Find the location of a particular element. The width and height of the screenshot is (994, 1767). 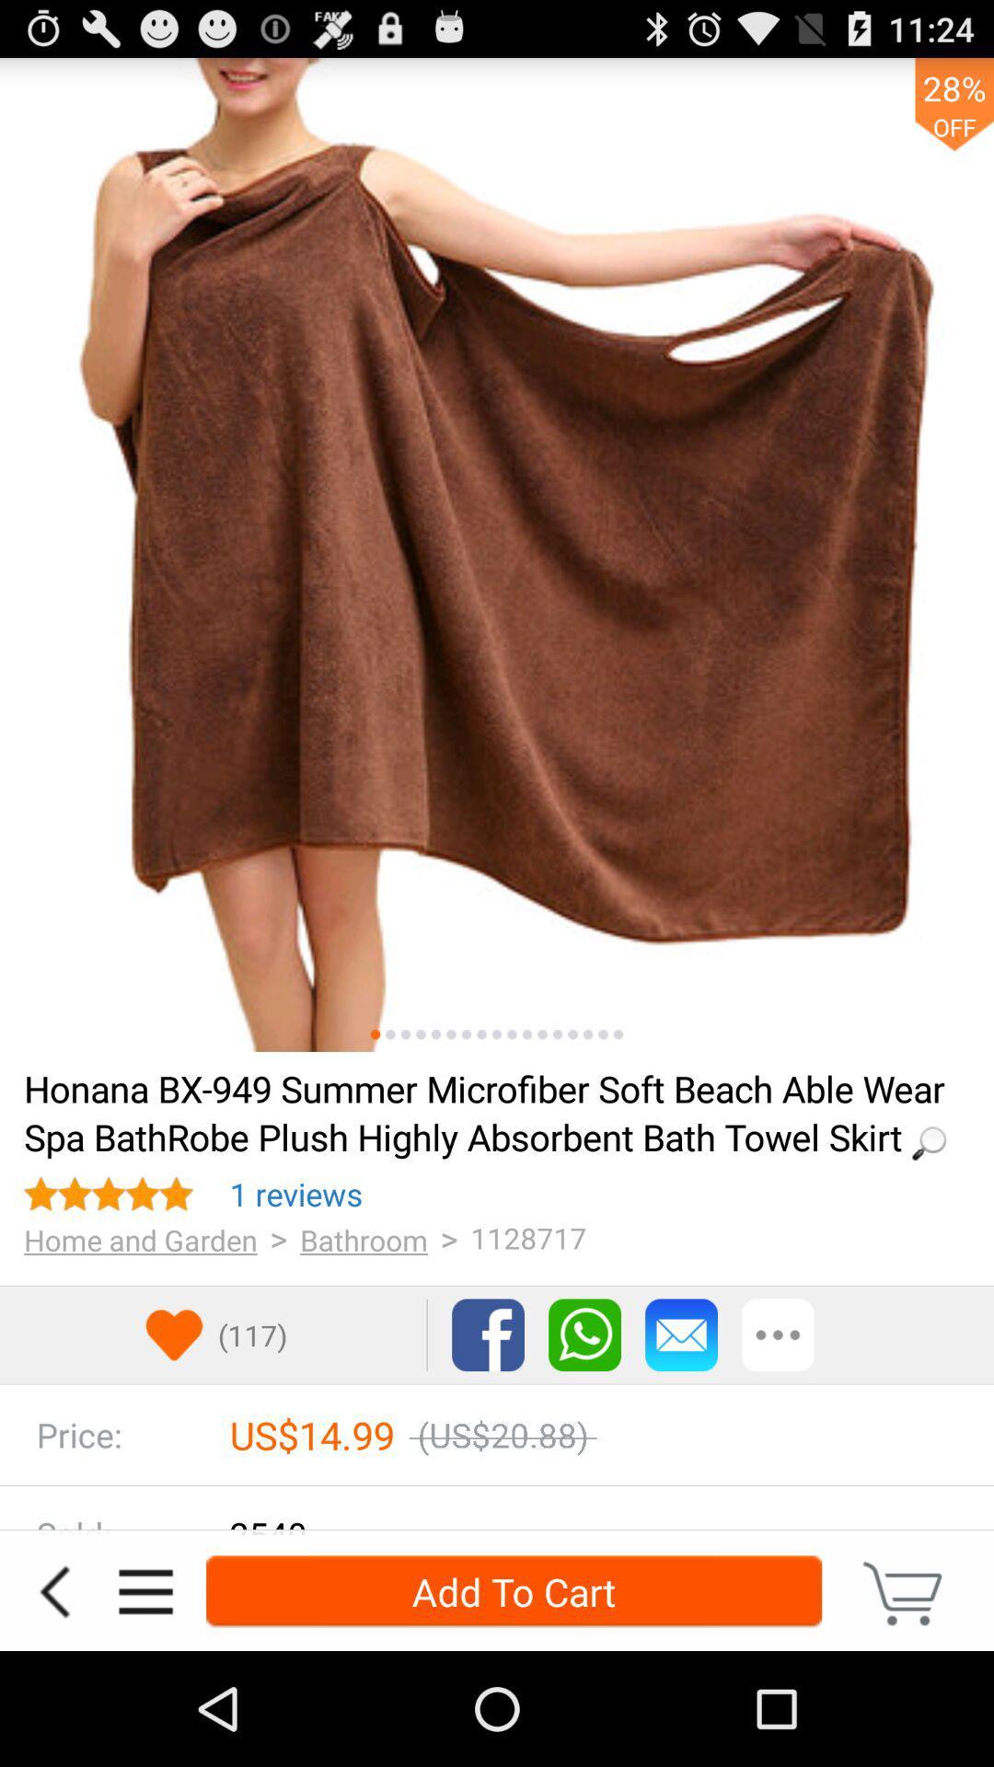

1 reviews icon is located at coordinates (295, 1194).